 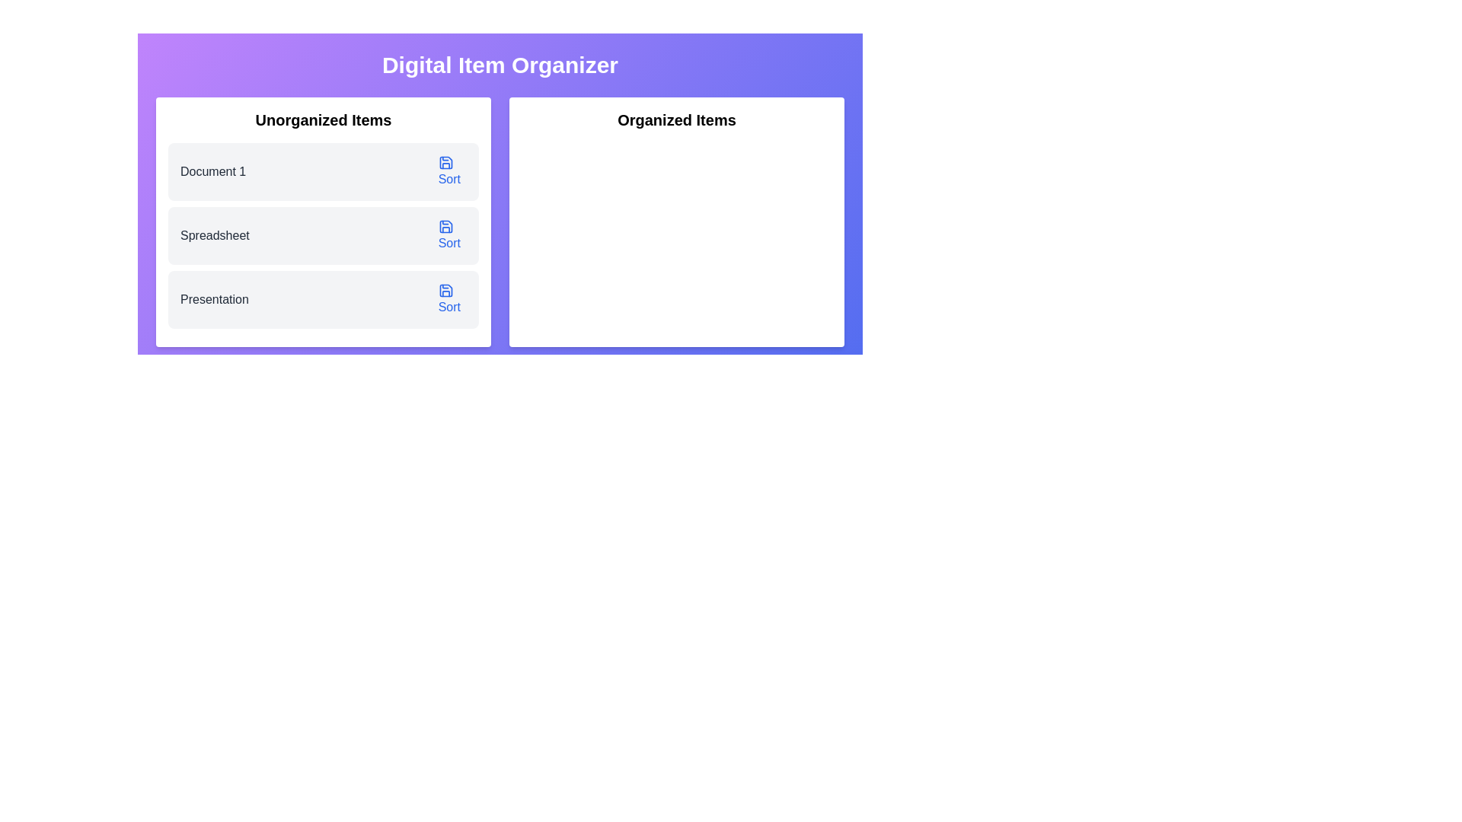 I want to click on the save icon located in the 'Unorganized Items' section, next to 'Document 1' and the word 'Sort.', so click(x=445, y=162).